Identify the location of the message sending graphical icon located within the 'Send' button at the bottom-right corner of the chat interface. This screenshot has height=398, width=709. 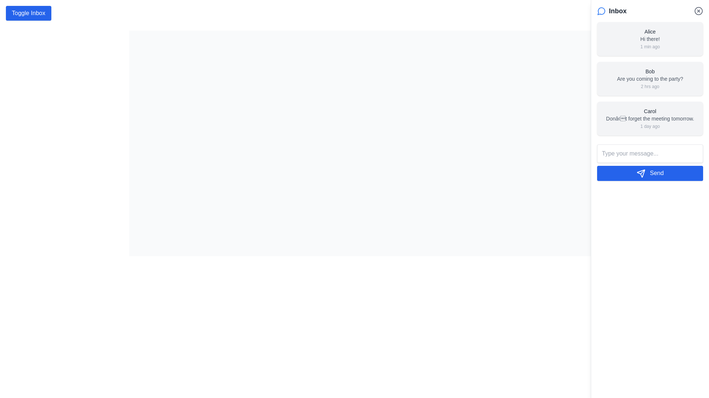
(640, 173).